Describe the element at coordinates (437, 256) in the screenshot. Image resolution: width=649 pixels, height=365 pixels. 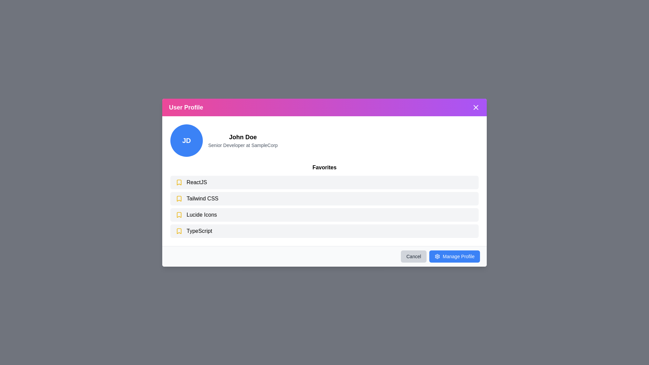
I see `the cogwheel icon within the blue 'Manage Profile' button located at the bottom center of the modal window` at that location.